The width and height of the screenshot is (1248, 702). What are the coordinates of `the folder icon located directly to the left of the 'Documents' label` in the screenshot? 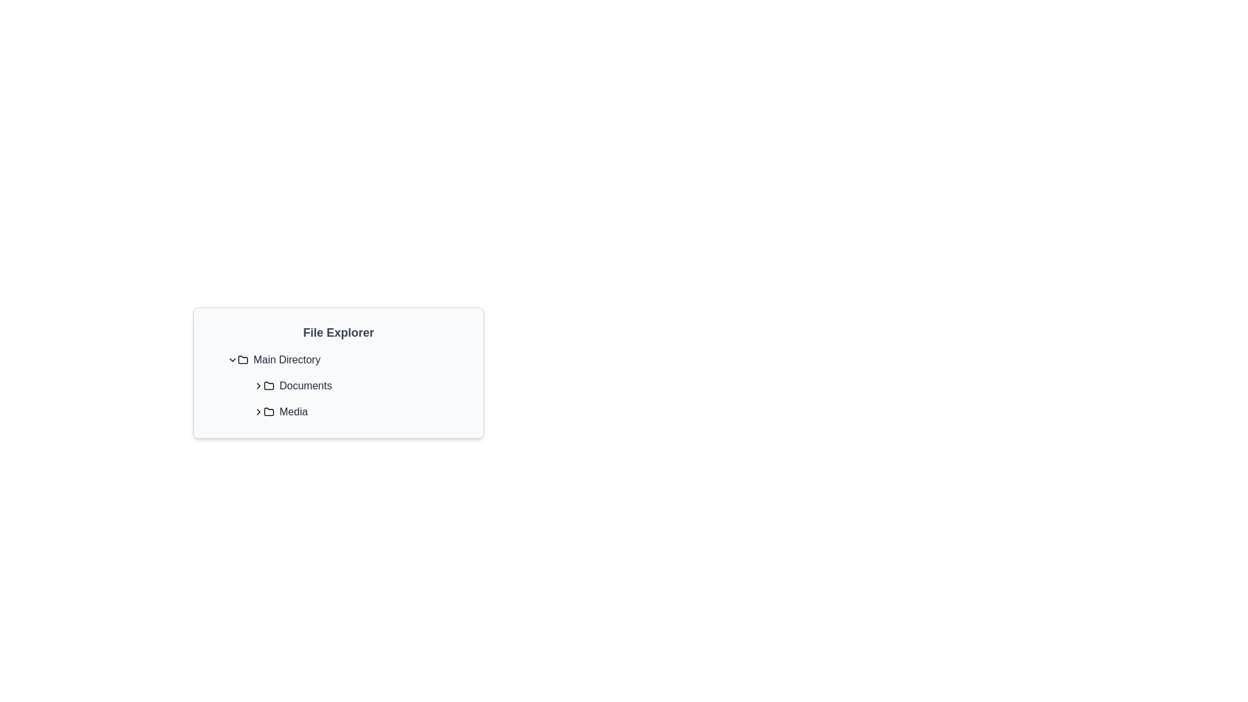 It's located at (268, 385).